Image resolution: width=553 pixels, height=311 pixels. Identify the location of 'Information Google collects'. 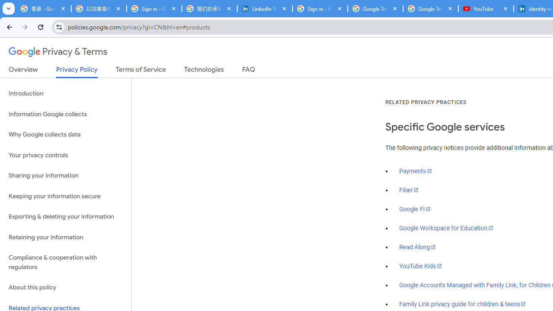
(65, 114).